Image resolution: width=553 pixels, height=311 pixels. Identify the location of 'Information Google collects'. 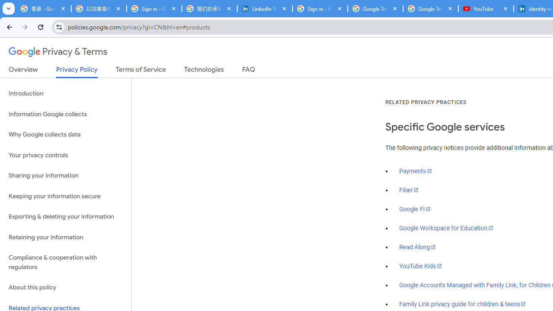
(65, 114).